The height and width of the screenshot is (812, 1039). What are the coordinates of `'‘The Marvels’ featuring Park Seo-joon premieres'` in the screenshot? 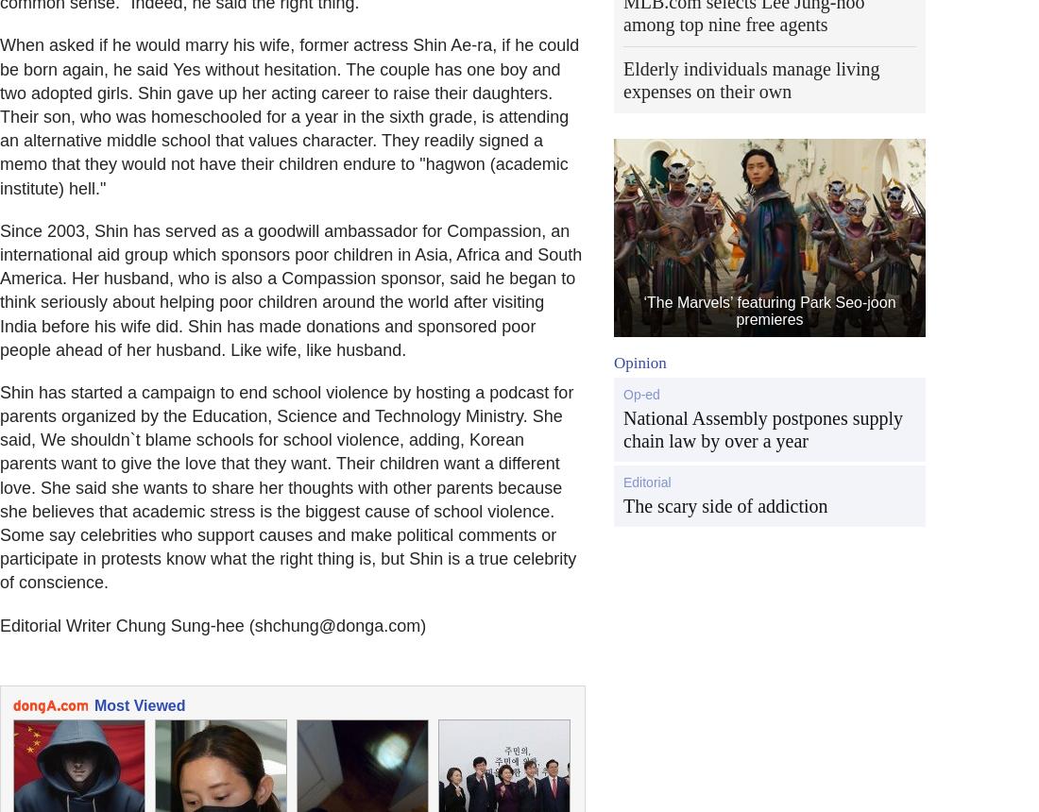 It's located at (769, 311).